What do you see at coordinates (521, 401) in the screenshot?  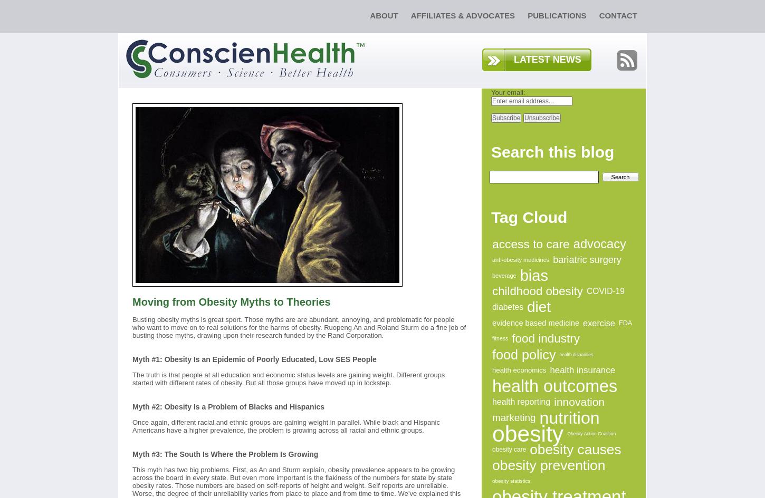 I see `'health reporting'` at bounding box center [521, 401].